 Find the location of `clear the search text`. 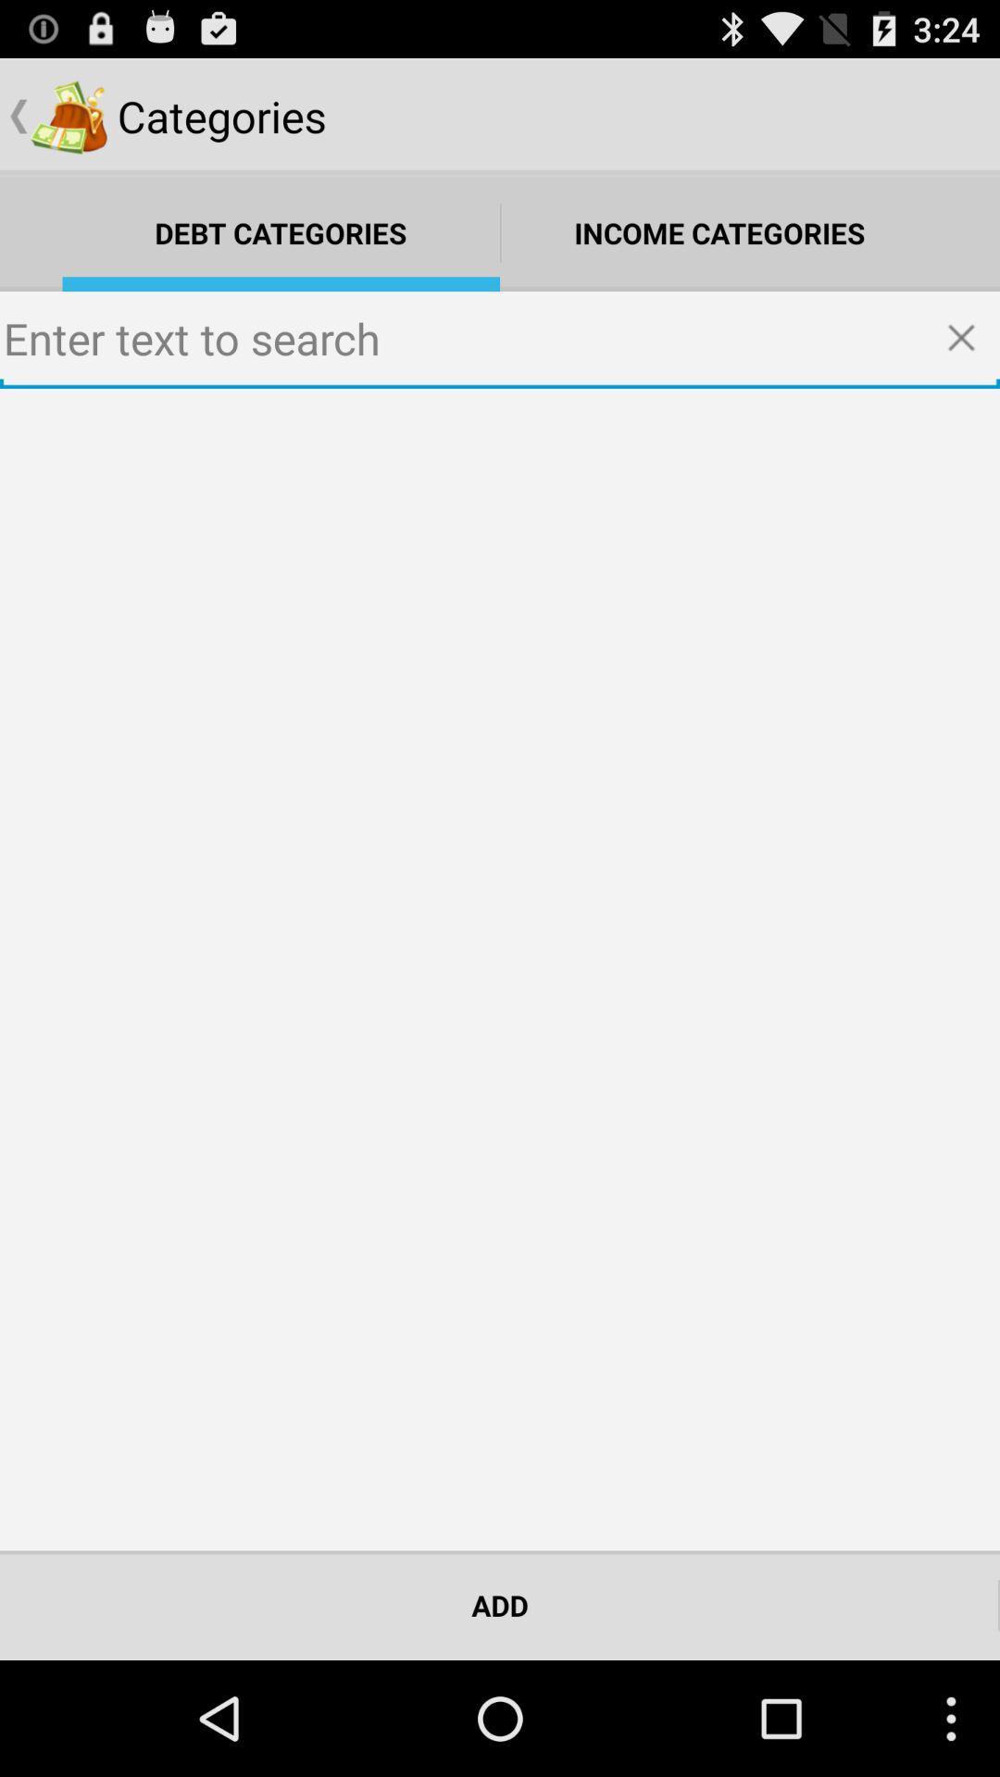

clear the search text is located at coordinates (967, 340).